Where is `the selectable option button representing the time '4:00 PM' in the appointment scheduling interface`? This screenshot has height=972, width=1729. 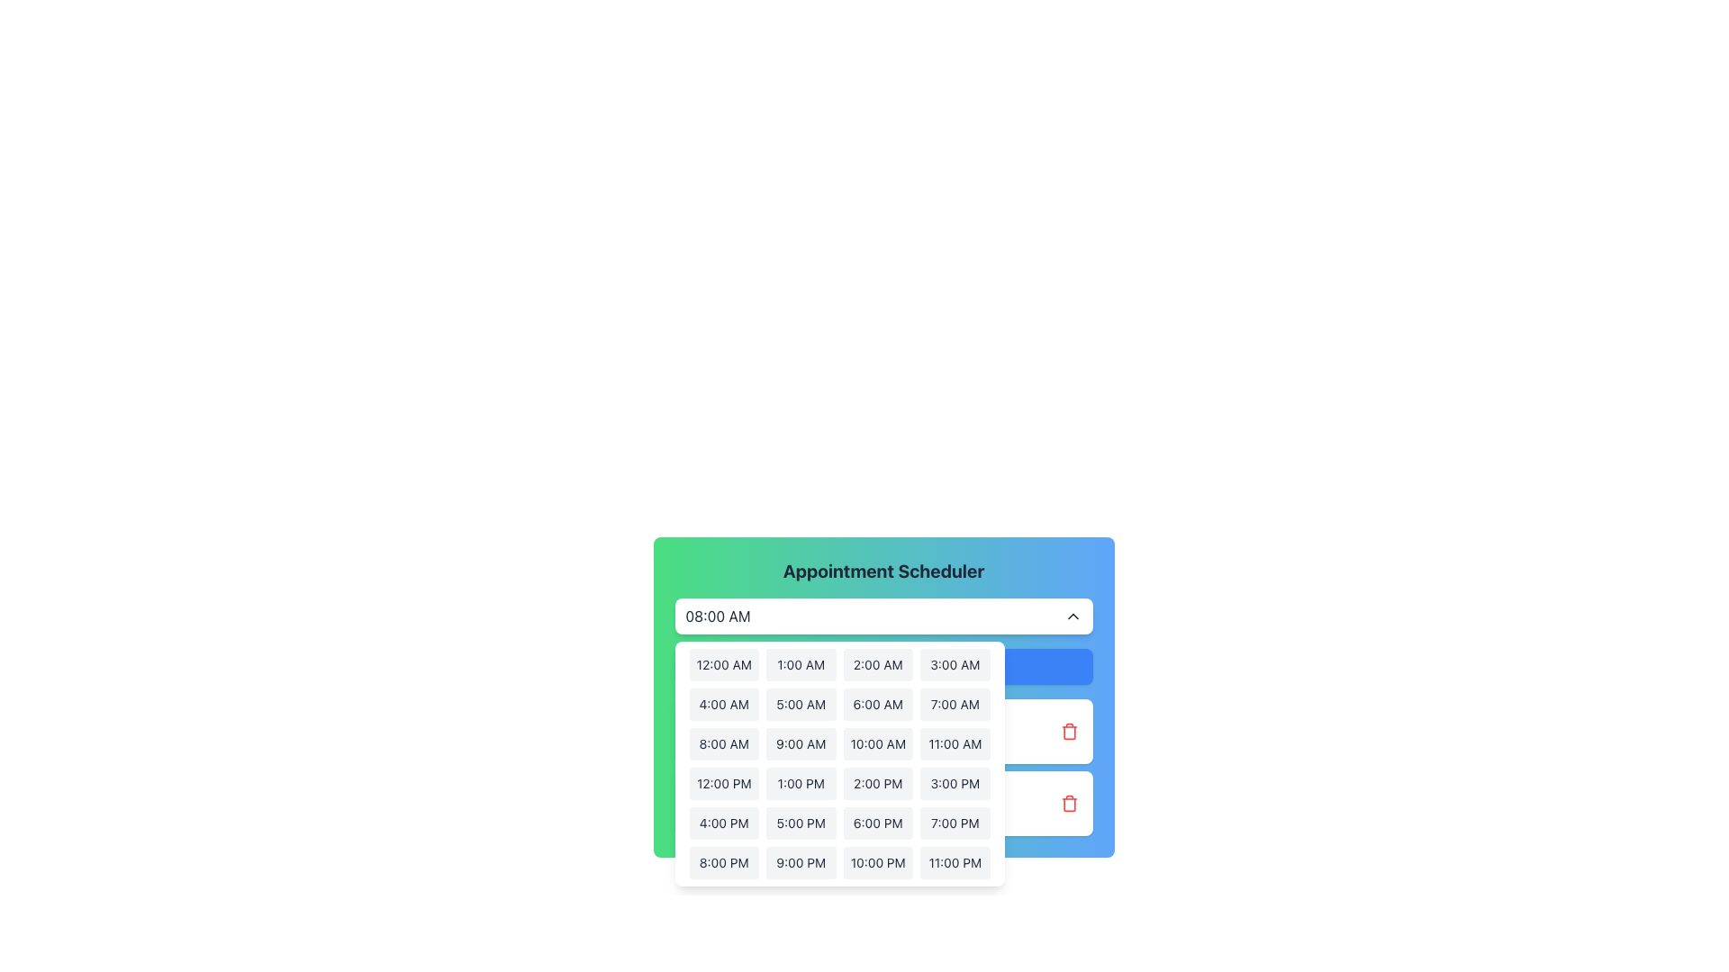 the selectable option button representing the time '4:00 PM' in the appointment scheduling interface is located at coordinates (724, 823).